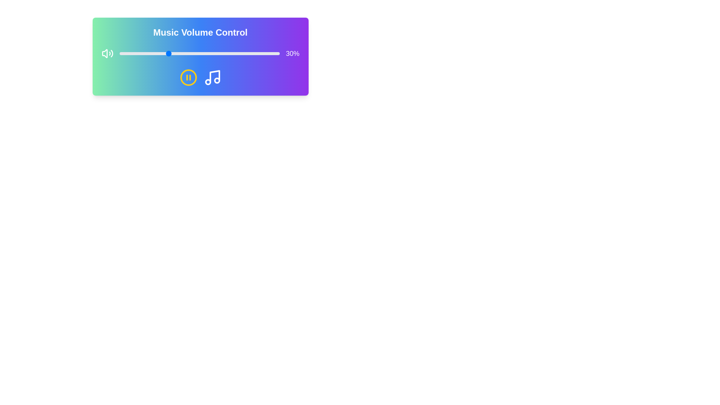 The width and height of the screenshot is (720, 405). Describe the element at coordinates (156, 53) in the screenshot. I see `the volume` at that location.